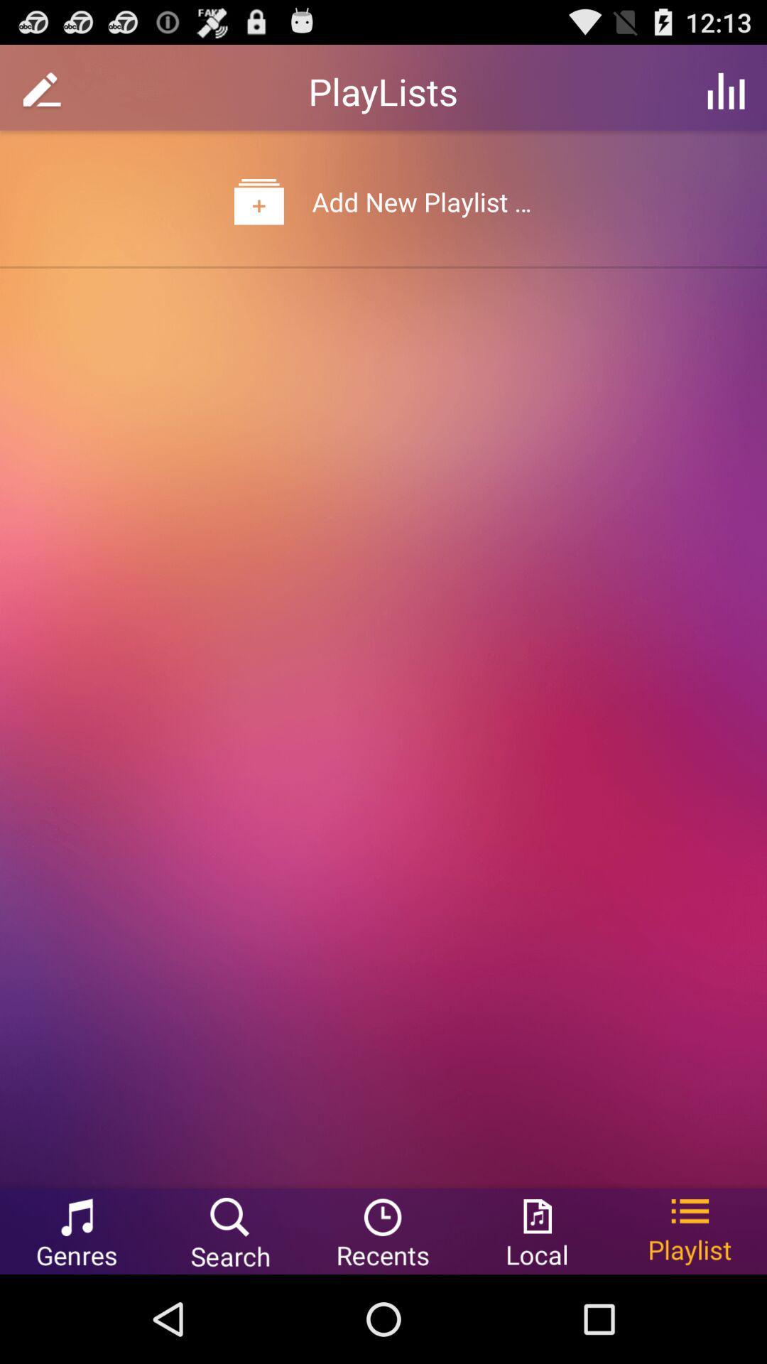 Image resolution: width=767 pixels, height=1364 pixels. What do you see at coordinates (726, 90) in the screenshot?
I see `app to the right of playlists` at bounding box center [726, 90].